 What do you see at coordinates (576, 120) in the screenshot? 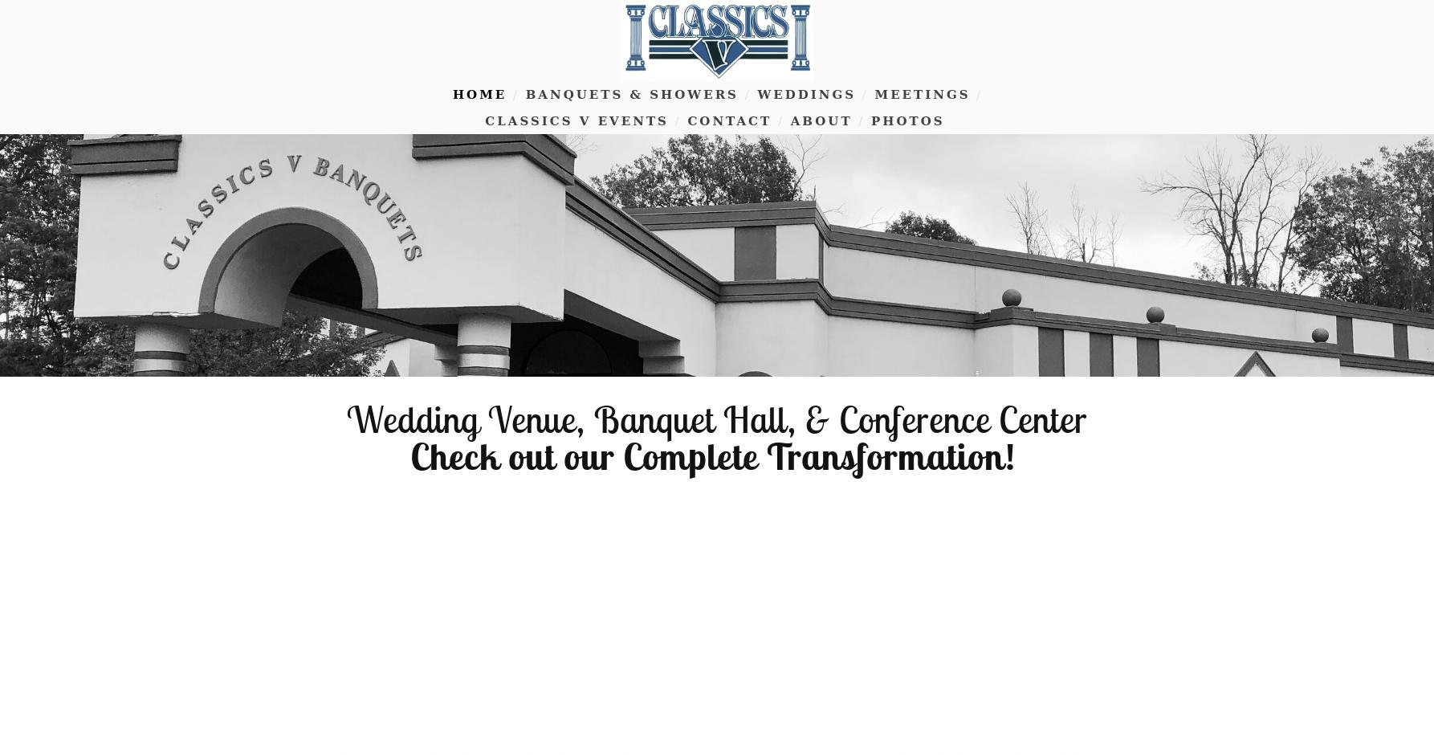
I see `'Classics V Events'` at bounding box center [576, 120].